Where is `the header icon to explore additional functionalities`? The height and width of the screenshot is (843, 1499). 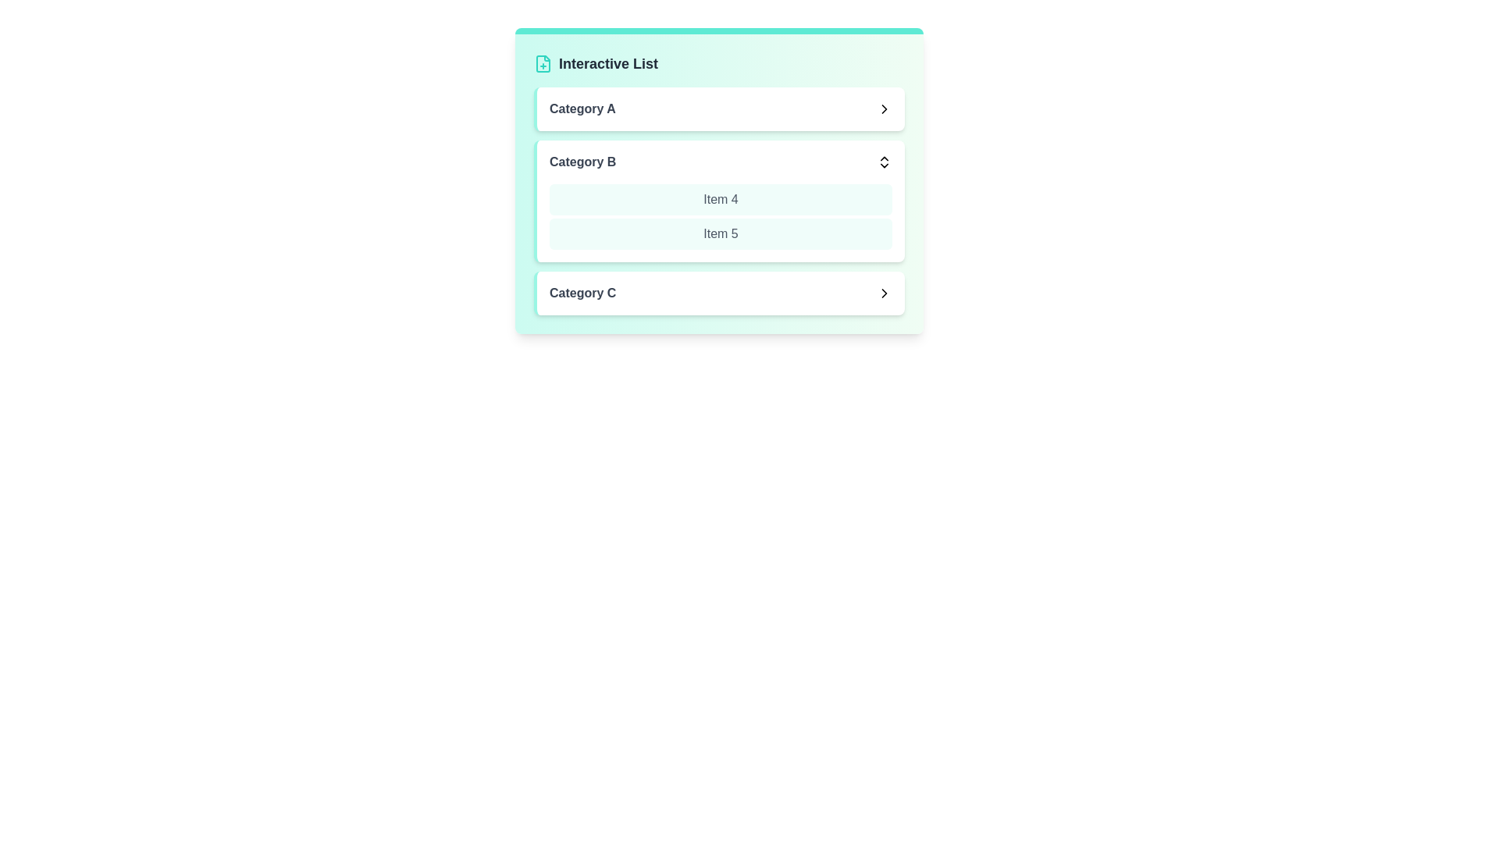 the header icon to explore additional functionalities is located at coordinates (543, 62).